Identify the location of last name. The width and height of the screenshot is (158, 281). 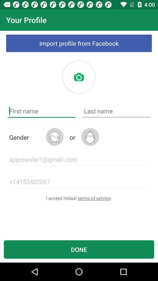
(116, 111).